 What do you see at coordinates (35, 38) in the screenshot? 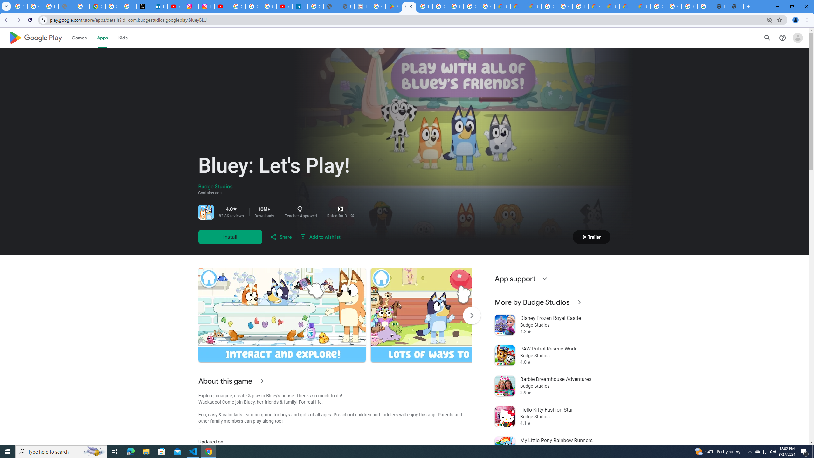
I see `'Google Play logo'` at bounding box center [35, 38].